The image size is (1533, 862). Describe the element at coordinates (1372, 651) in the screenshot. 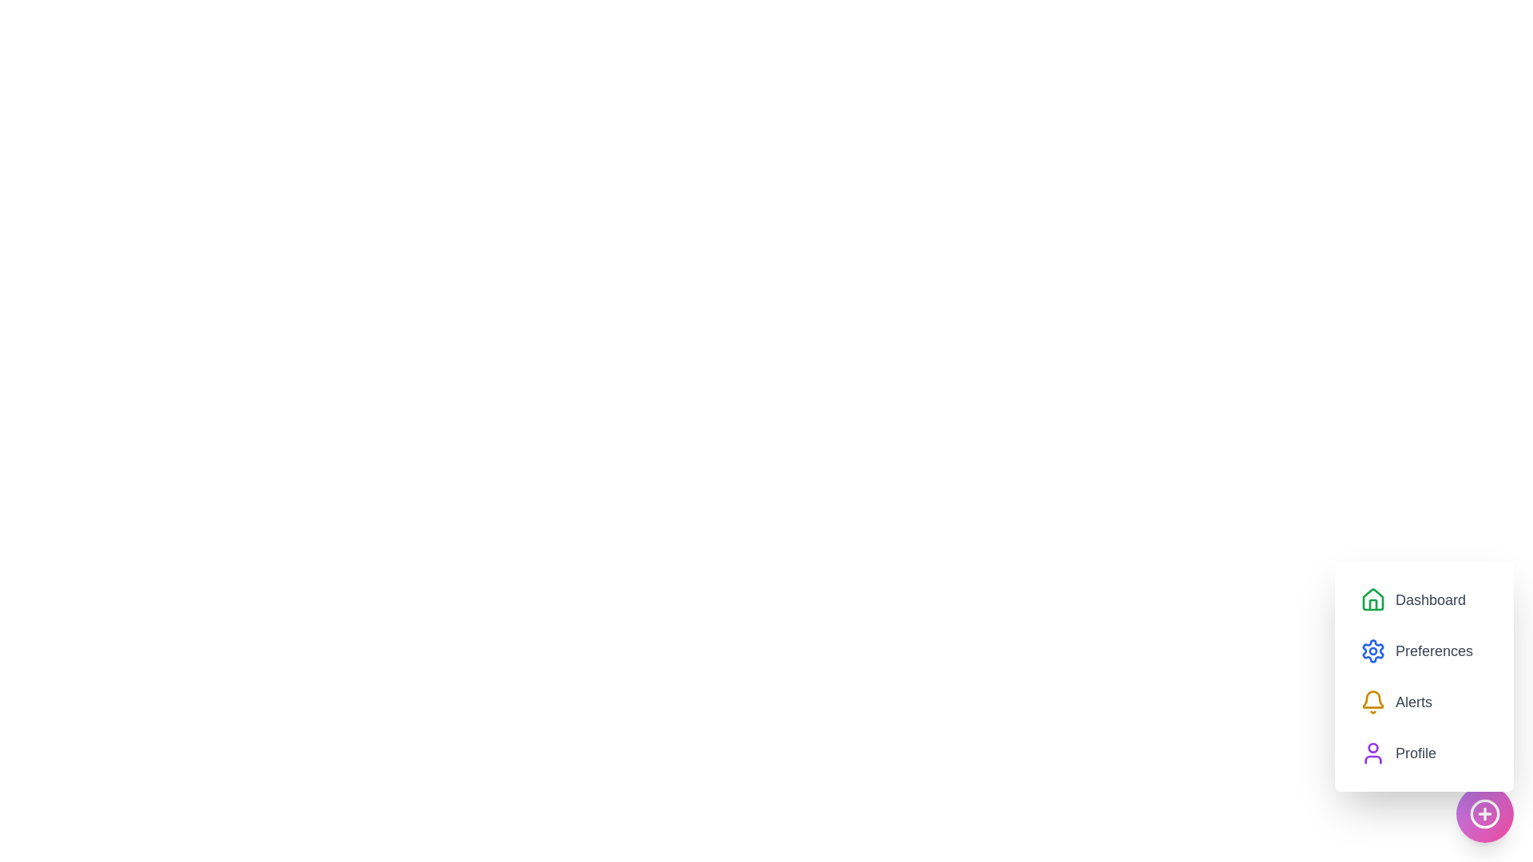

I see `the menu icon corresponding to Preferences` at that location.